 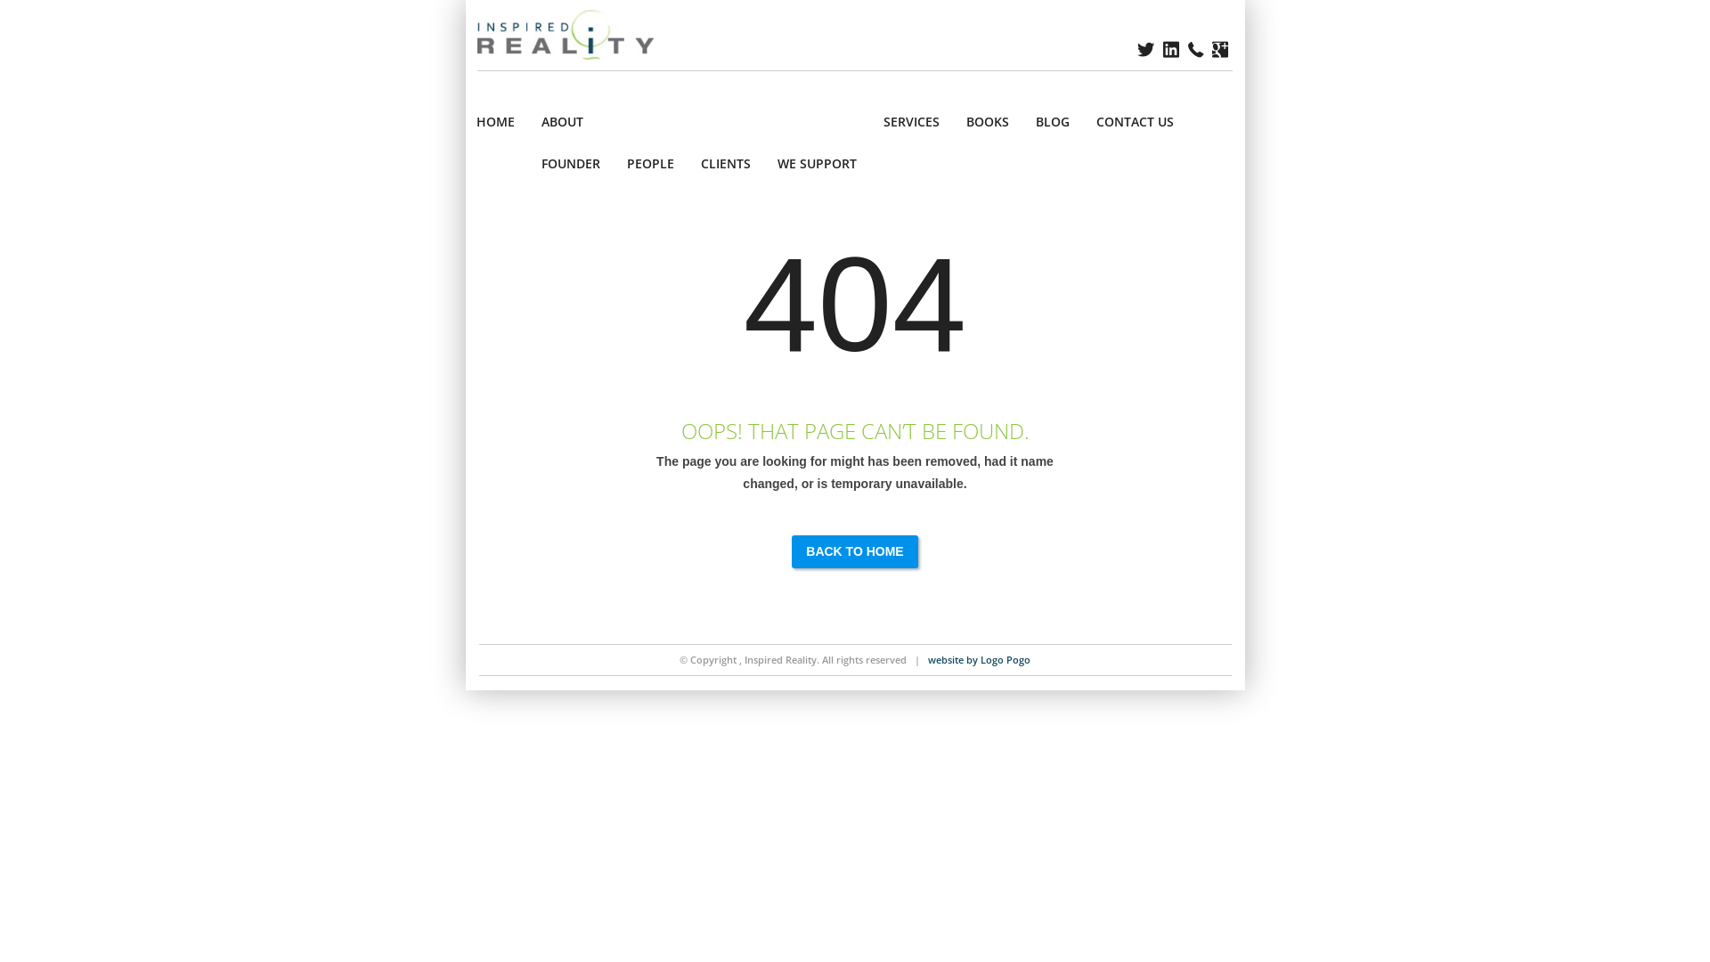 What do you see at coordinates (1145, 49) in the screenshot?
I see `'TWITTER'` at bounding box center [1145, 49].